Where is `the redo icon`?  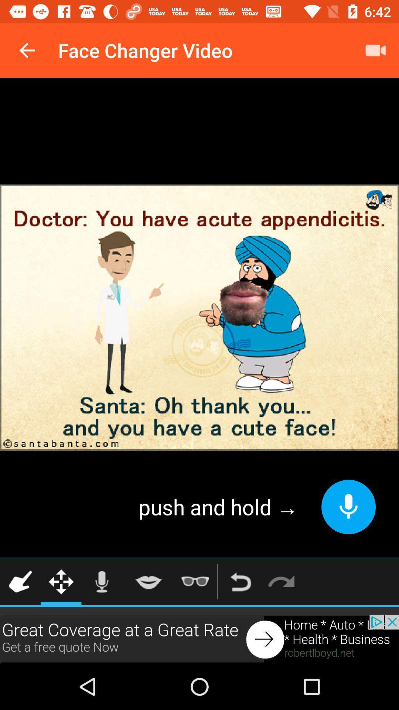 the redo icon is located at coordinates (281, 581).